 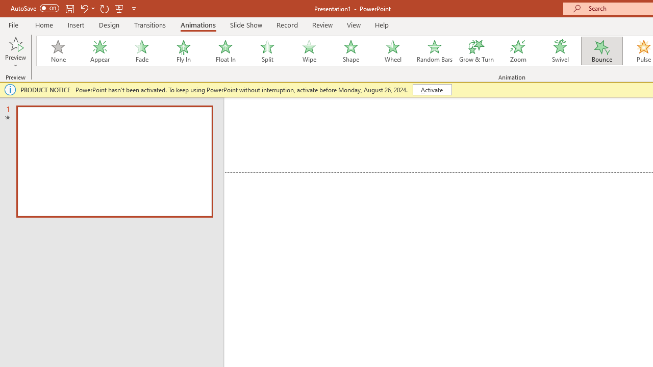 I want to click on 'Appear', so click(x=99, y=51).